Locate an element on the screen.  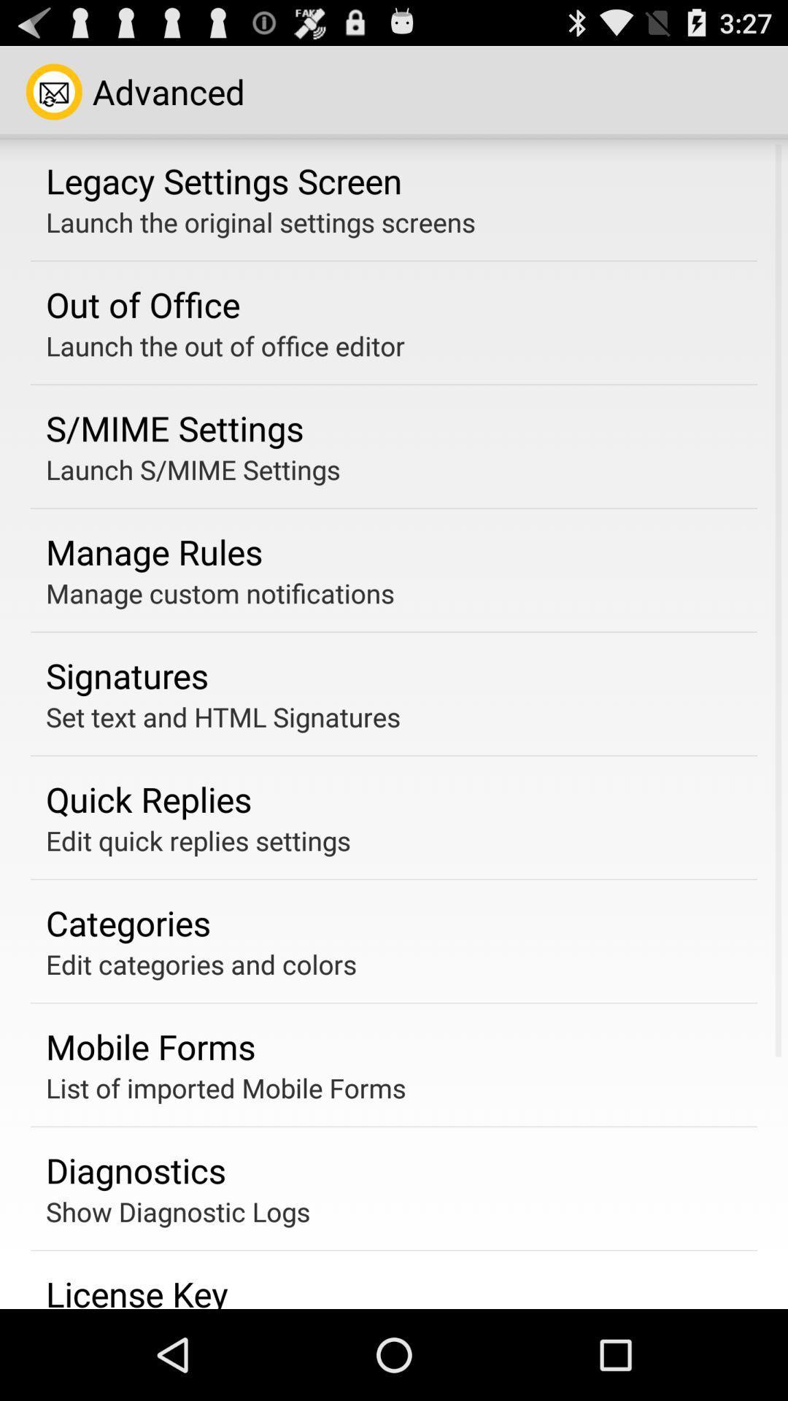
the app below signatures is located at coordinates (223, 717).